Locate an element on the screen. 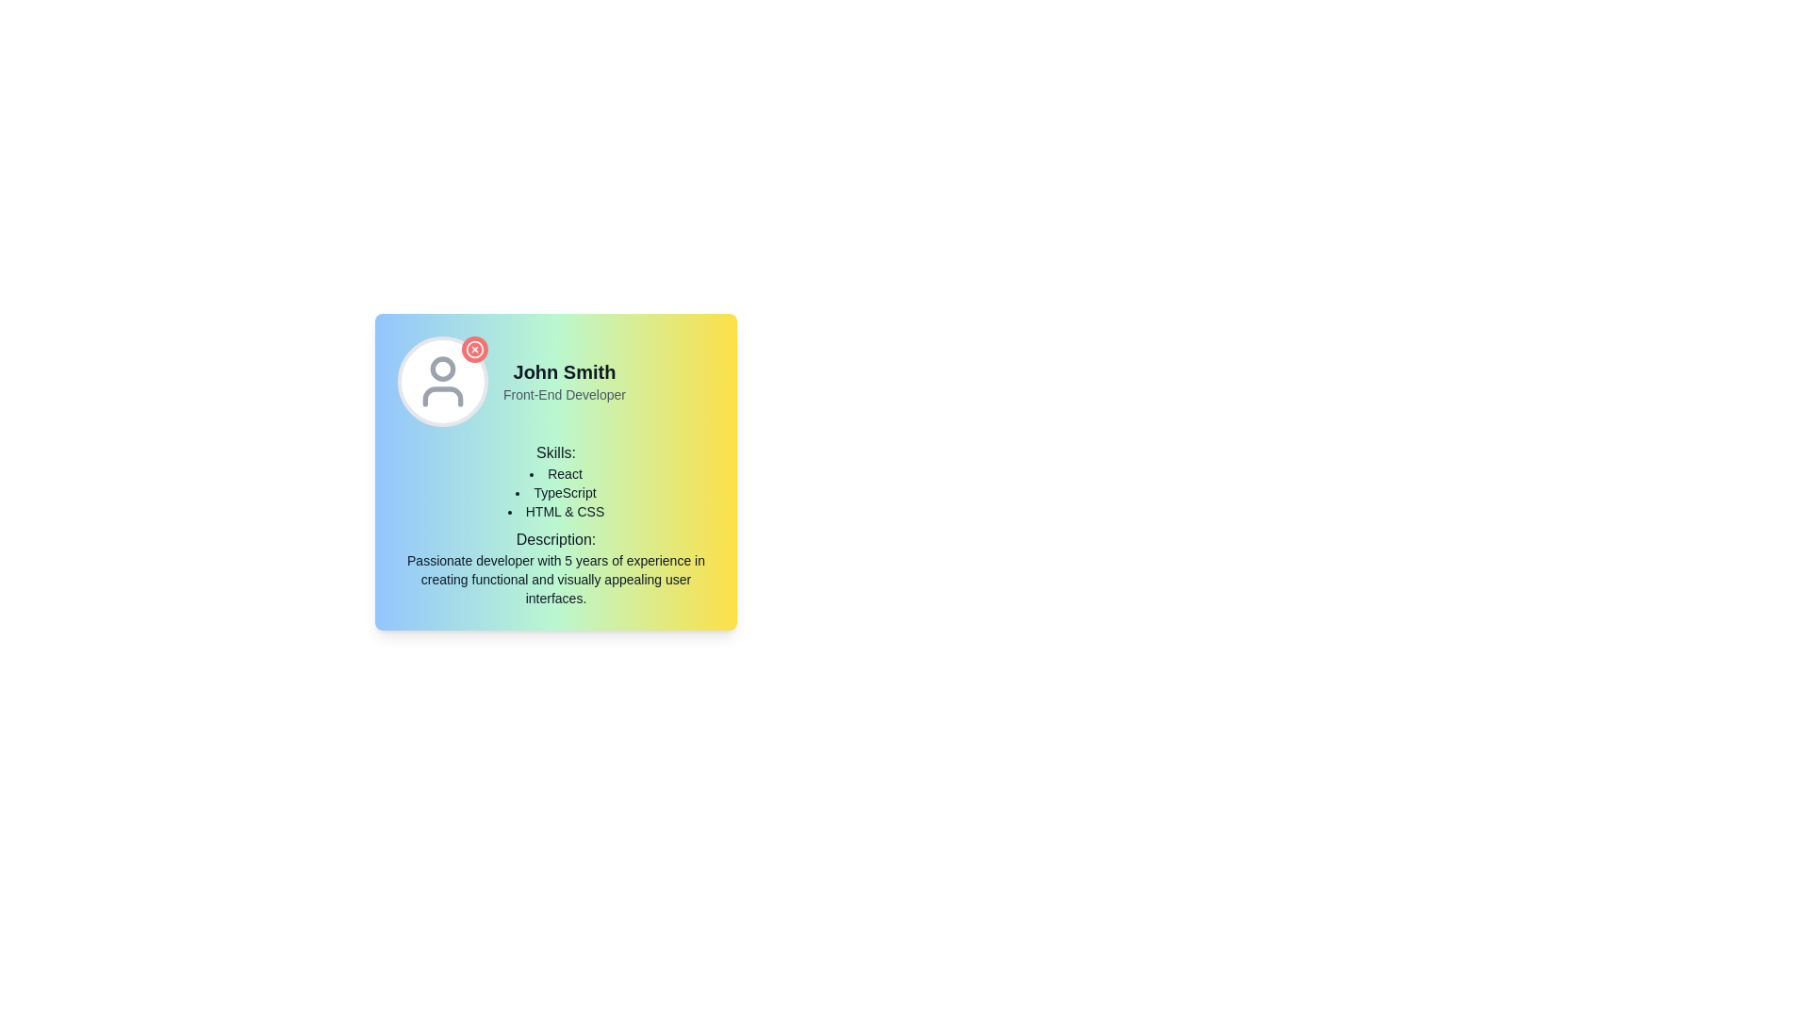 Image resolution: width=1810 pixels, height=1018 pixels. the text label 'HTML & CSS', which is the third item in a bulleted list under the 'Skills' heading, styled with a black dot and a gradient background is located at coordinates (555, 512).